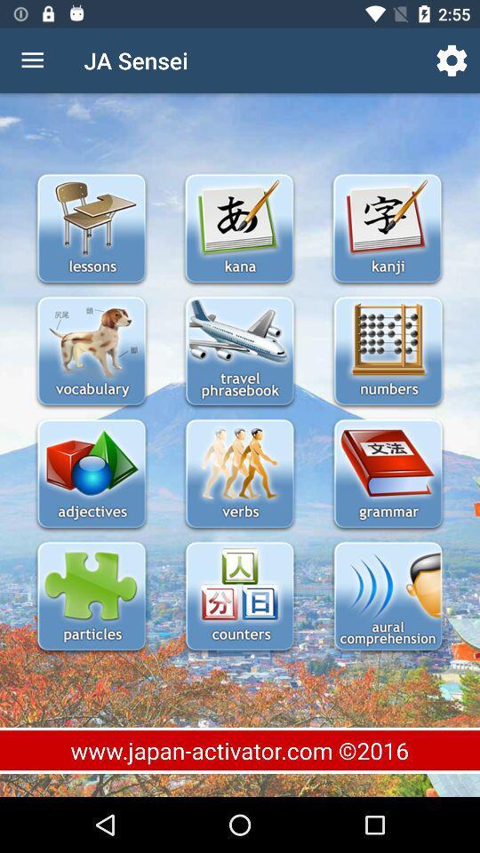 This screenshot has width=480, height=853. I want to click on numbers, so click(387, 352).